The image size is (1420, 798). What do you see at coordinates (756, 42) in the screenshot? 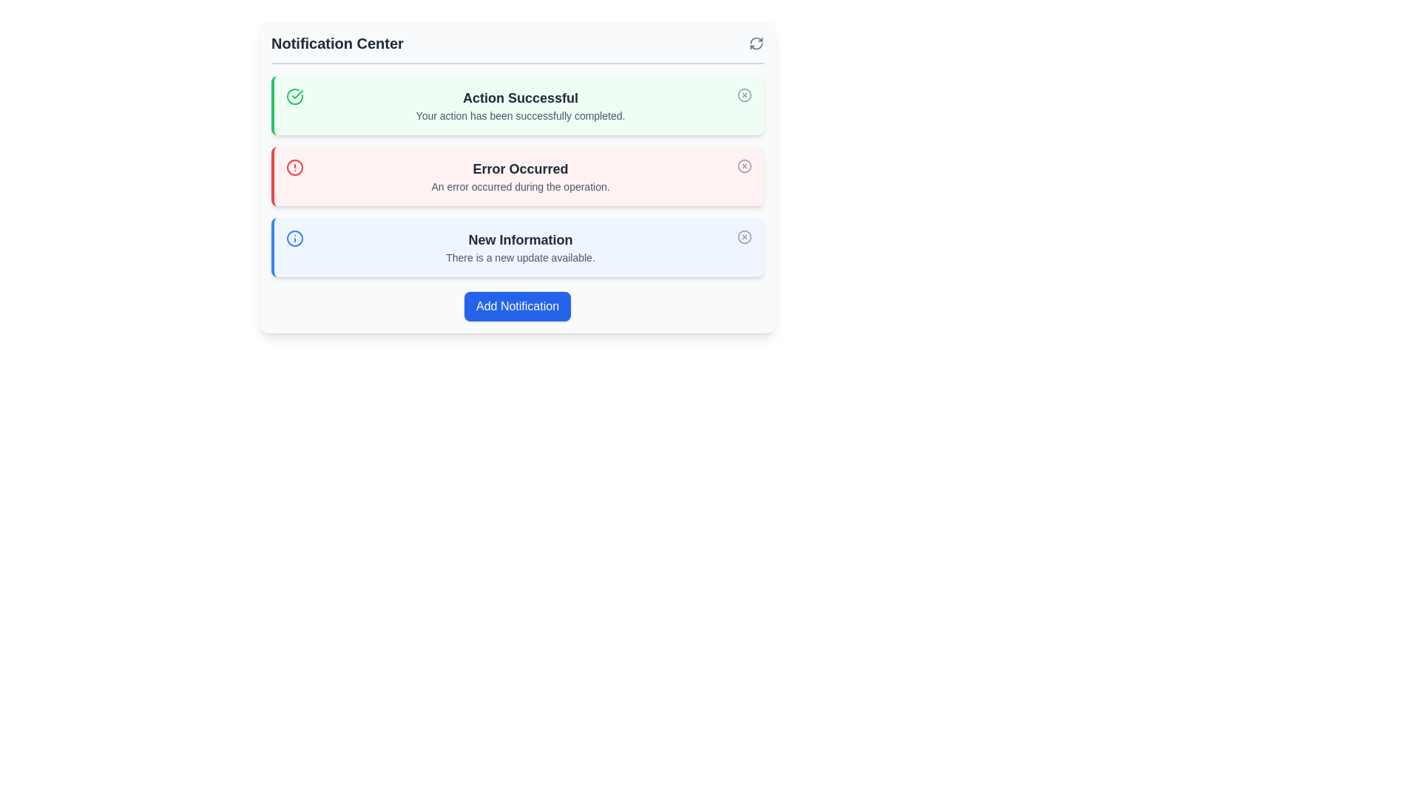
I see `the refresh button located in the top-right corner of the 'Notification Center'` at bounding box center [756, 42].